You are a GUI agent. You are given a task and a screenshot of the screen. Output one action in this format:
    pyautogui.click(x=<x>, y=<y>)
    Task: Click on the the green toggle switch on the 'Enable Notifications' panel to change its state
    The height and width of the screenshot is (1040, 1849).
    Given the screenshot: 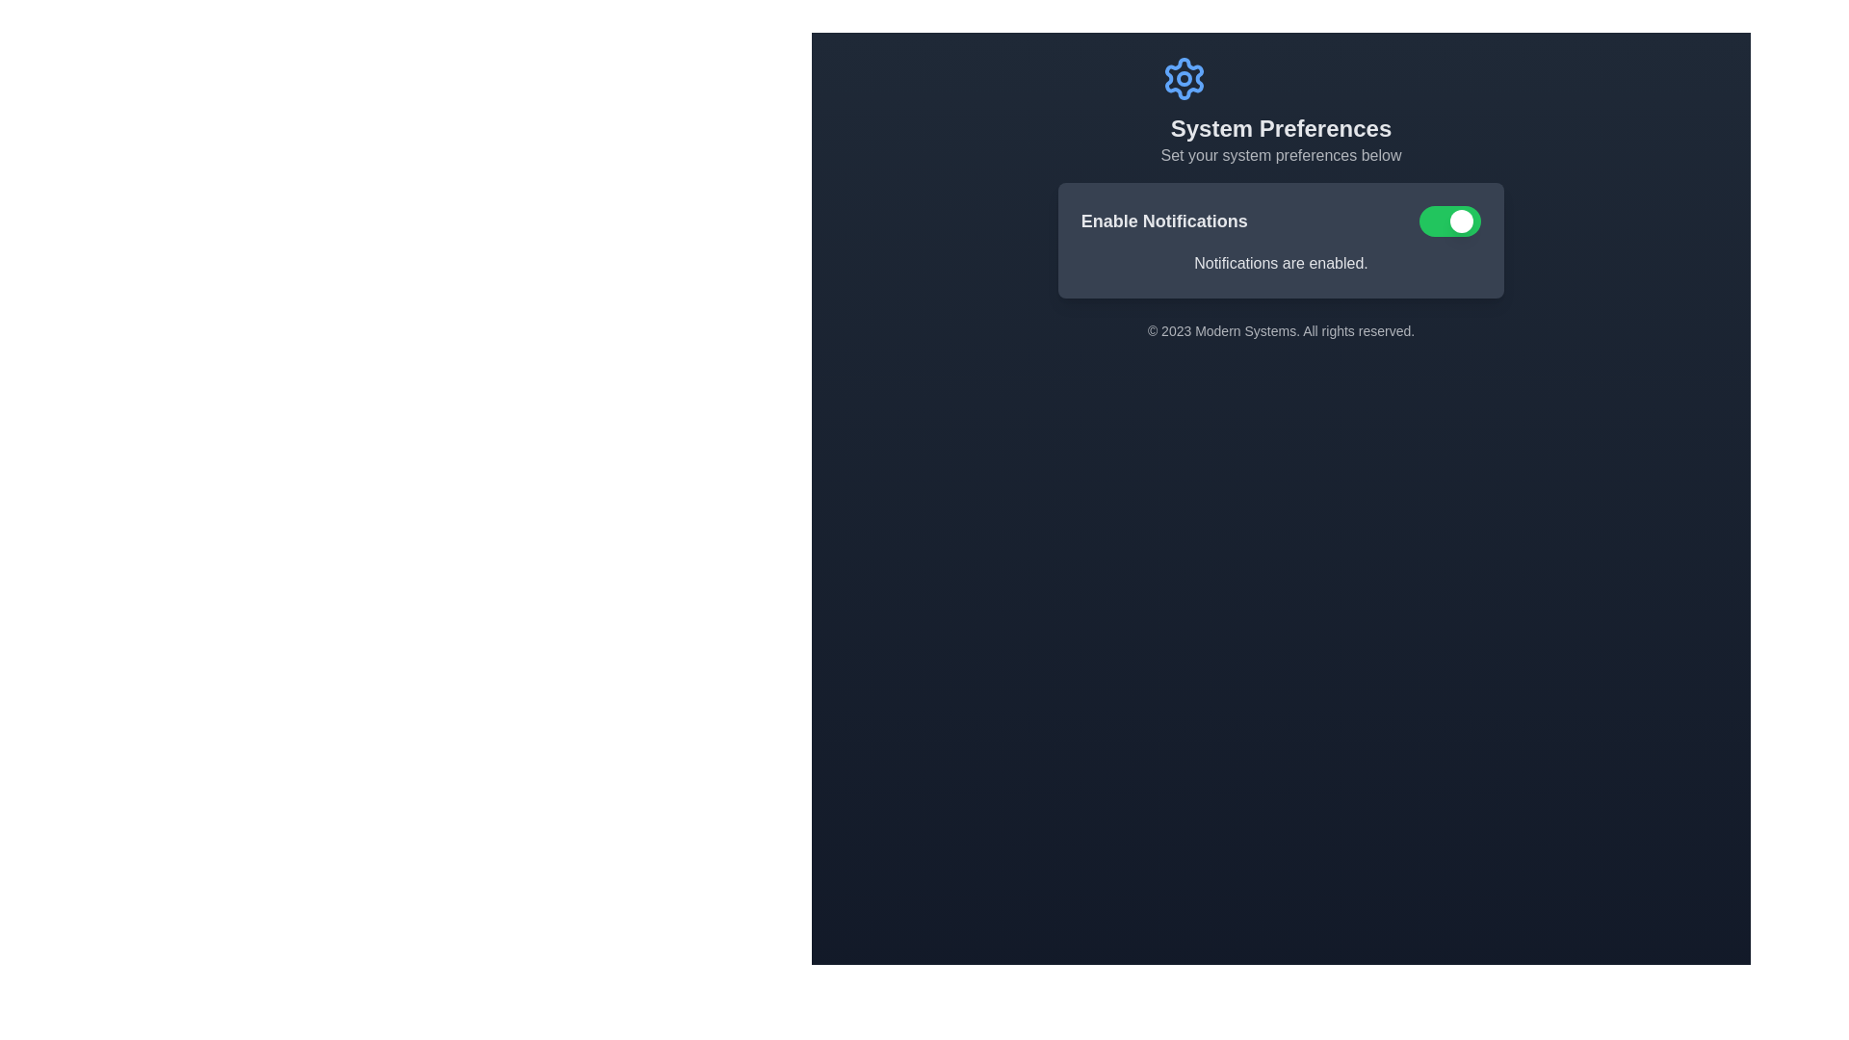 What is the action you would take?
    pyautogui.click(x=1281, y=240)
    